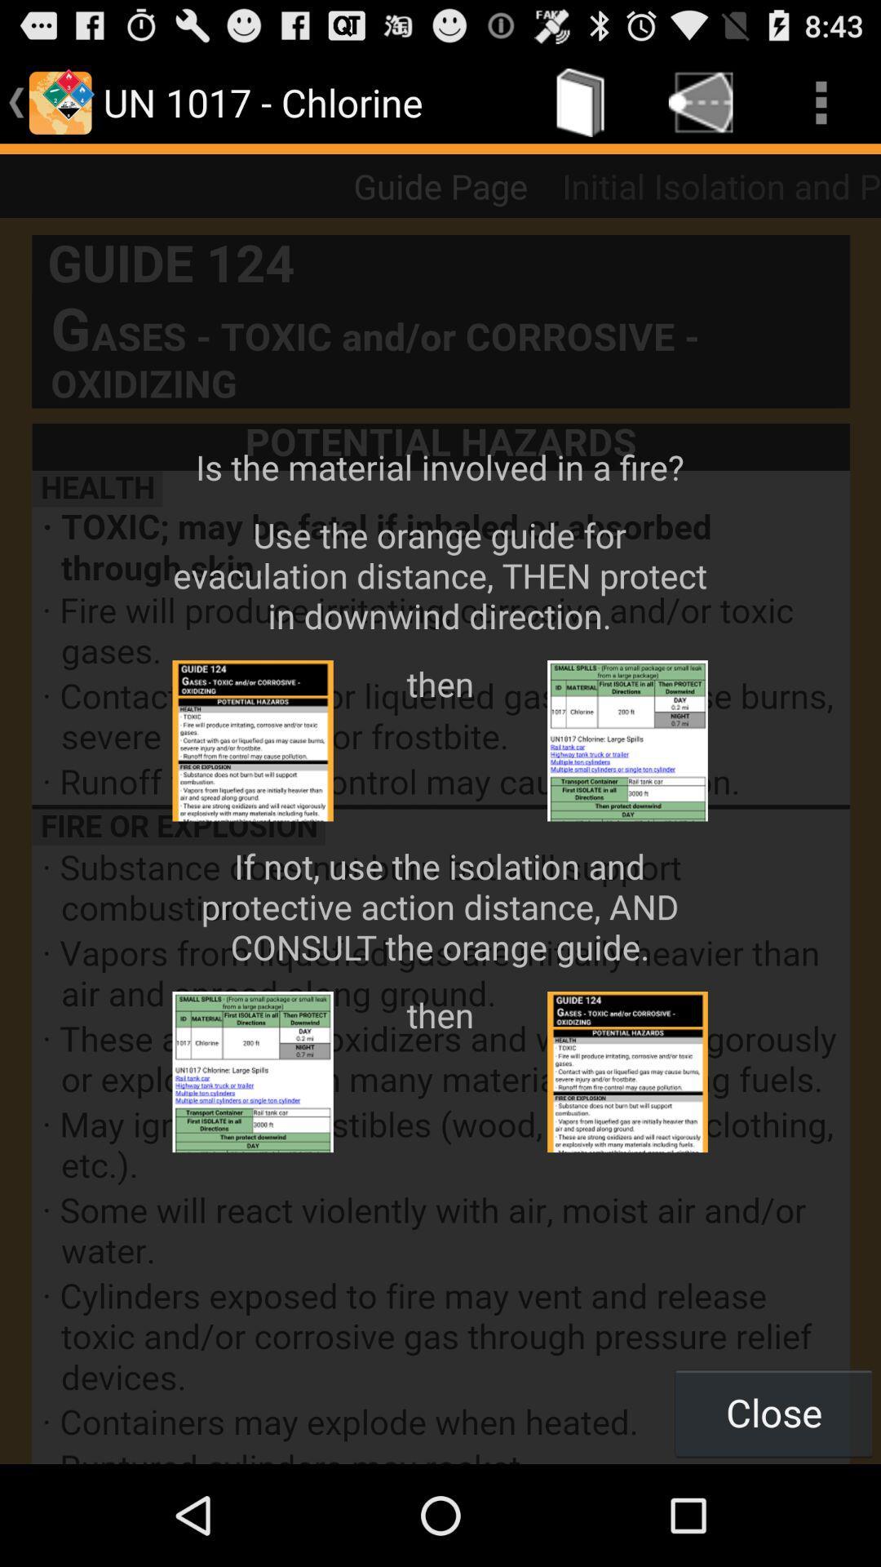 The width and height of the screenshot is (881, 1567). I want to click on the second left image from, so click(253, 1072).